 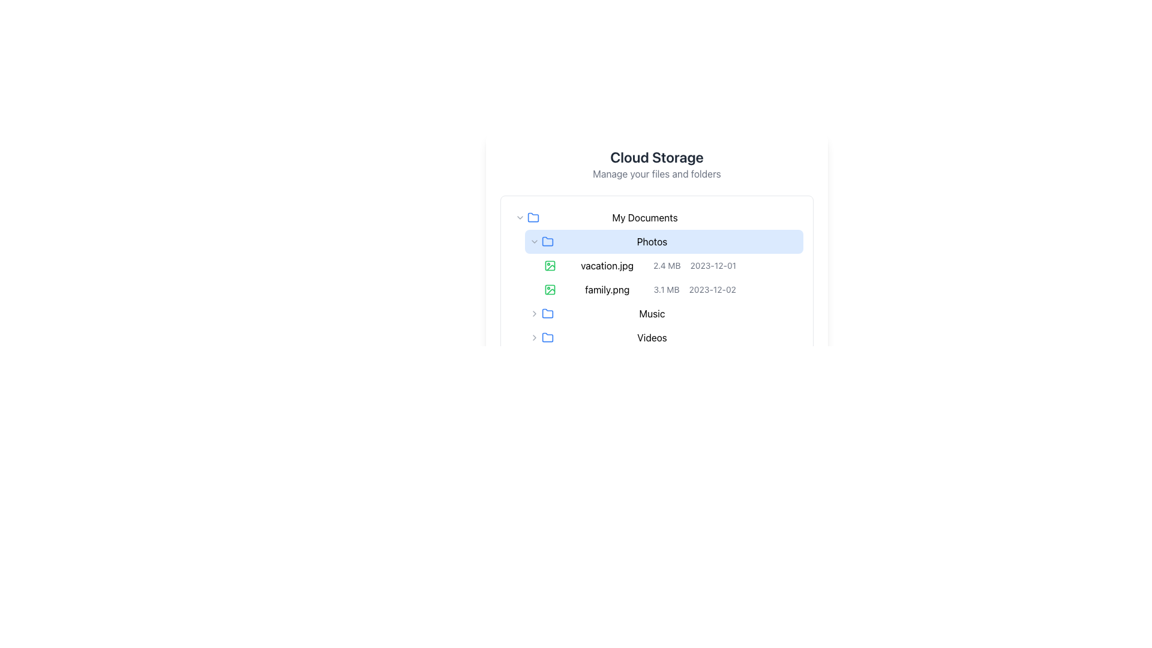 I want to click on the 'Music' folder button, so click(x=656, y=313).